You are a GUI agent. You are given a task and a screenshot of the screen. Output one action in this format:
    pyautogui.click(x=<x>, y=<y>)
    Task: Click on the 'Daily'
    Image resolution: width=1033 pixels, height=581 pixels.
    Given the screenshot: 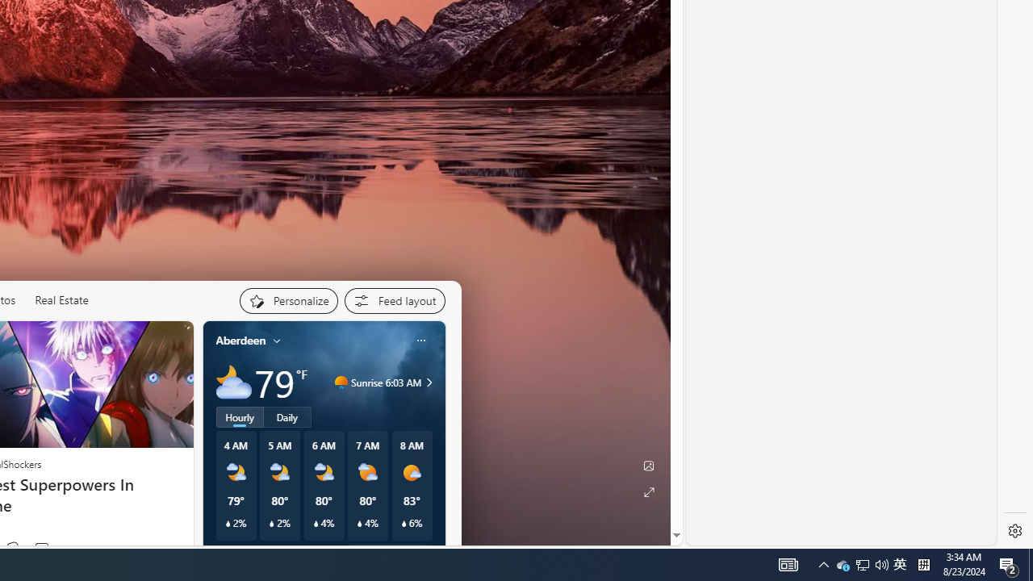 What is the action you would take?
    pyautogui.click(x=287, y=416)
    